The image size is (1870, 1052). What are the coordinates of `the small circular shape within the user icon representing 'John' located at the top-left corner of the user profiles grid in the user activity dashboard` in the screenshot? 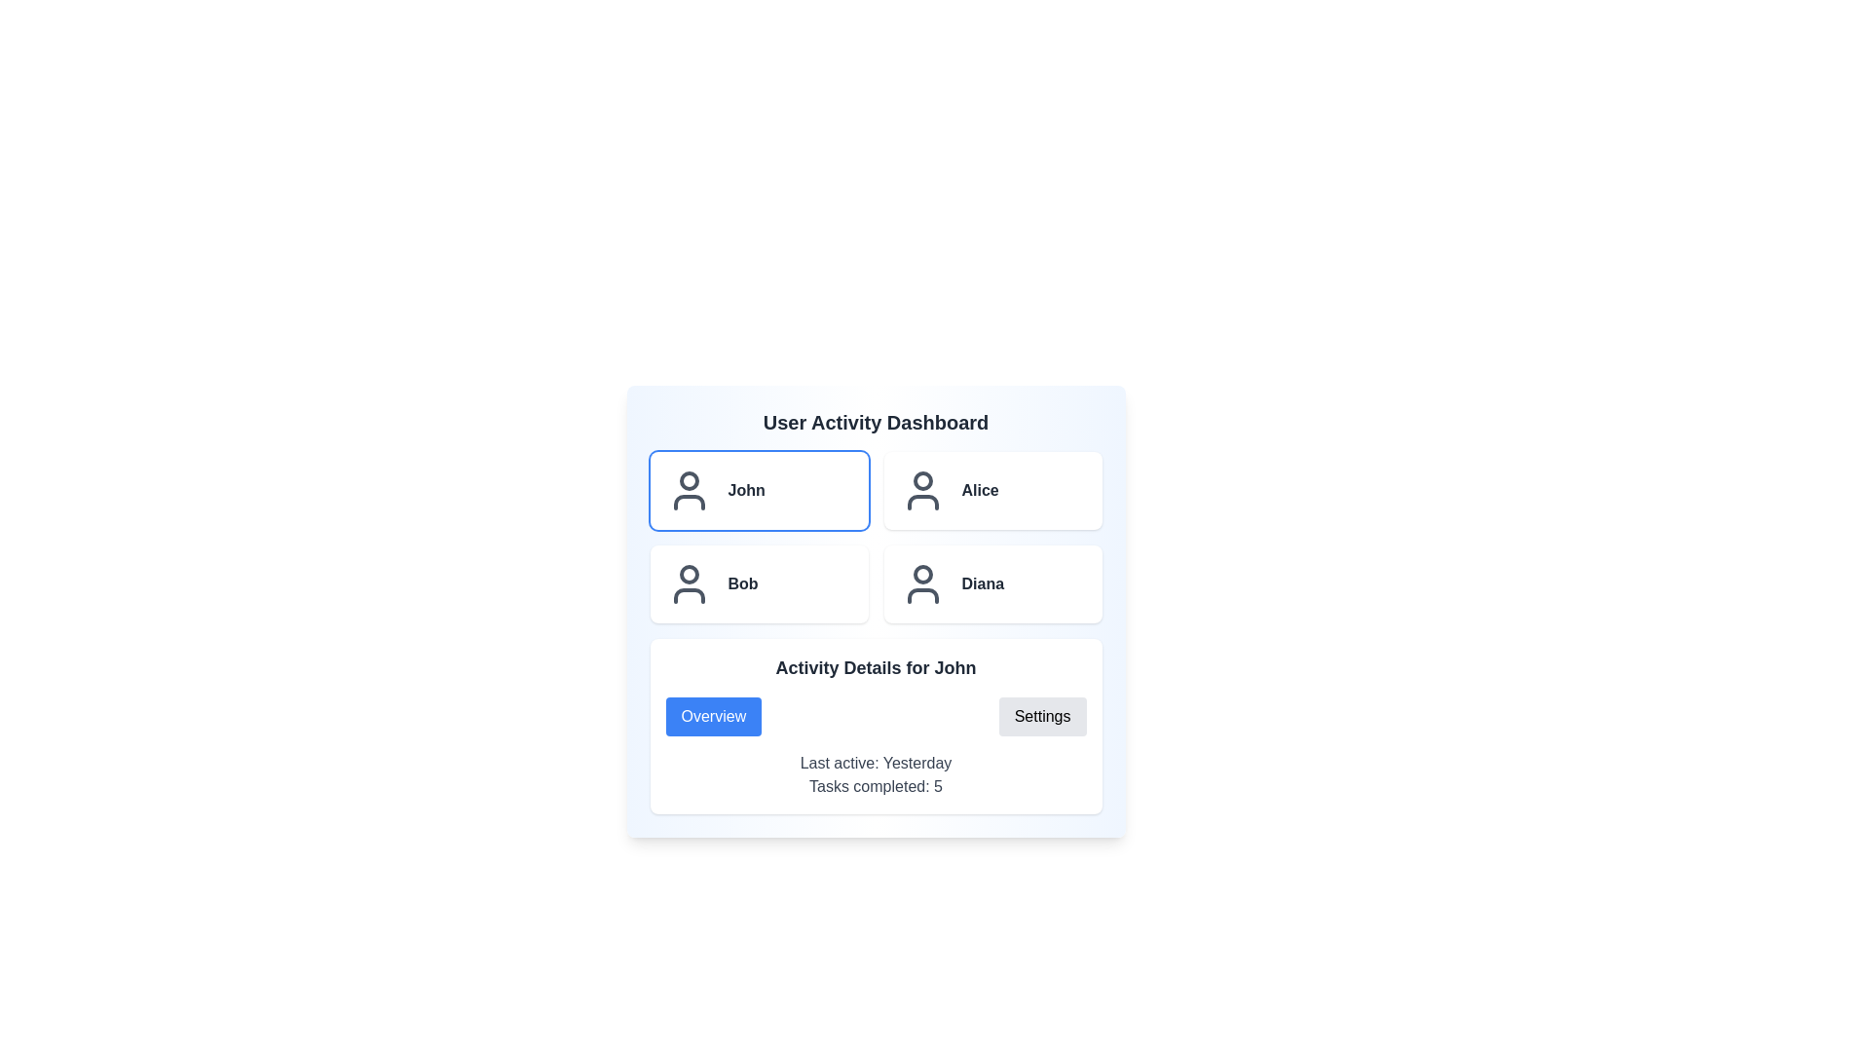 It's located at (689, 480).